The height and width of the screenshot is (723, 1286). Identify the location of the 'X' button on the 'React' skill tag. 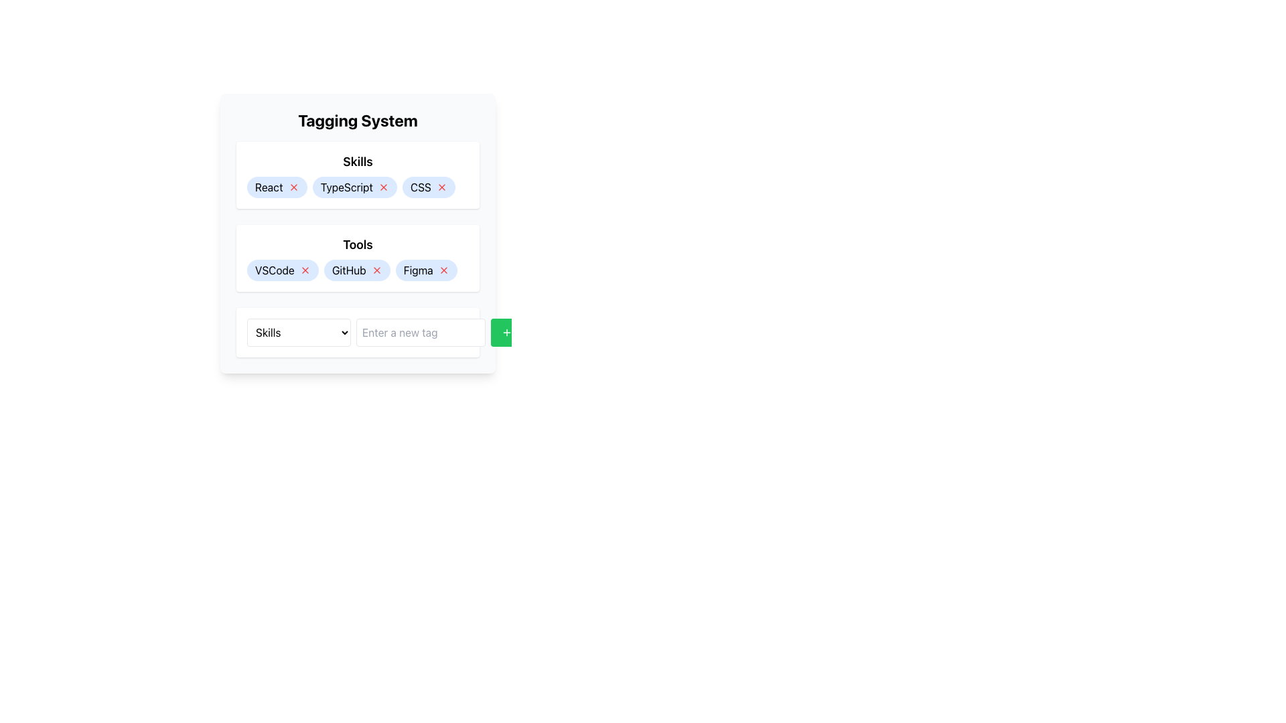
(276, 187).